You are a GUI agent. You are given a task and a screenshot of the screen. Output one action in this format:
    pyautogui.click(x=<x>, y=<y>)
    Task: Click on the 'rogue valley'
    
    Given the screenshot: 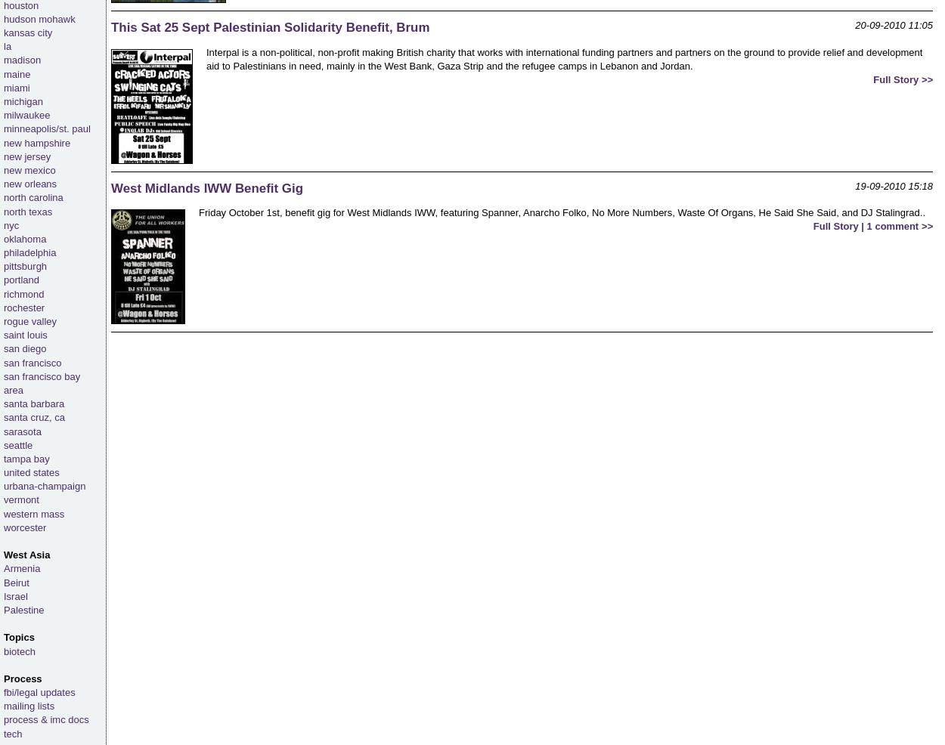 What is the action you would take?
    pyautogui.click(x=30, y=321)
    